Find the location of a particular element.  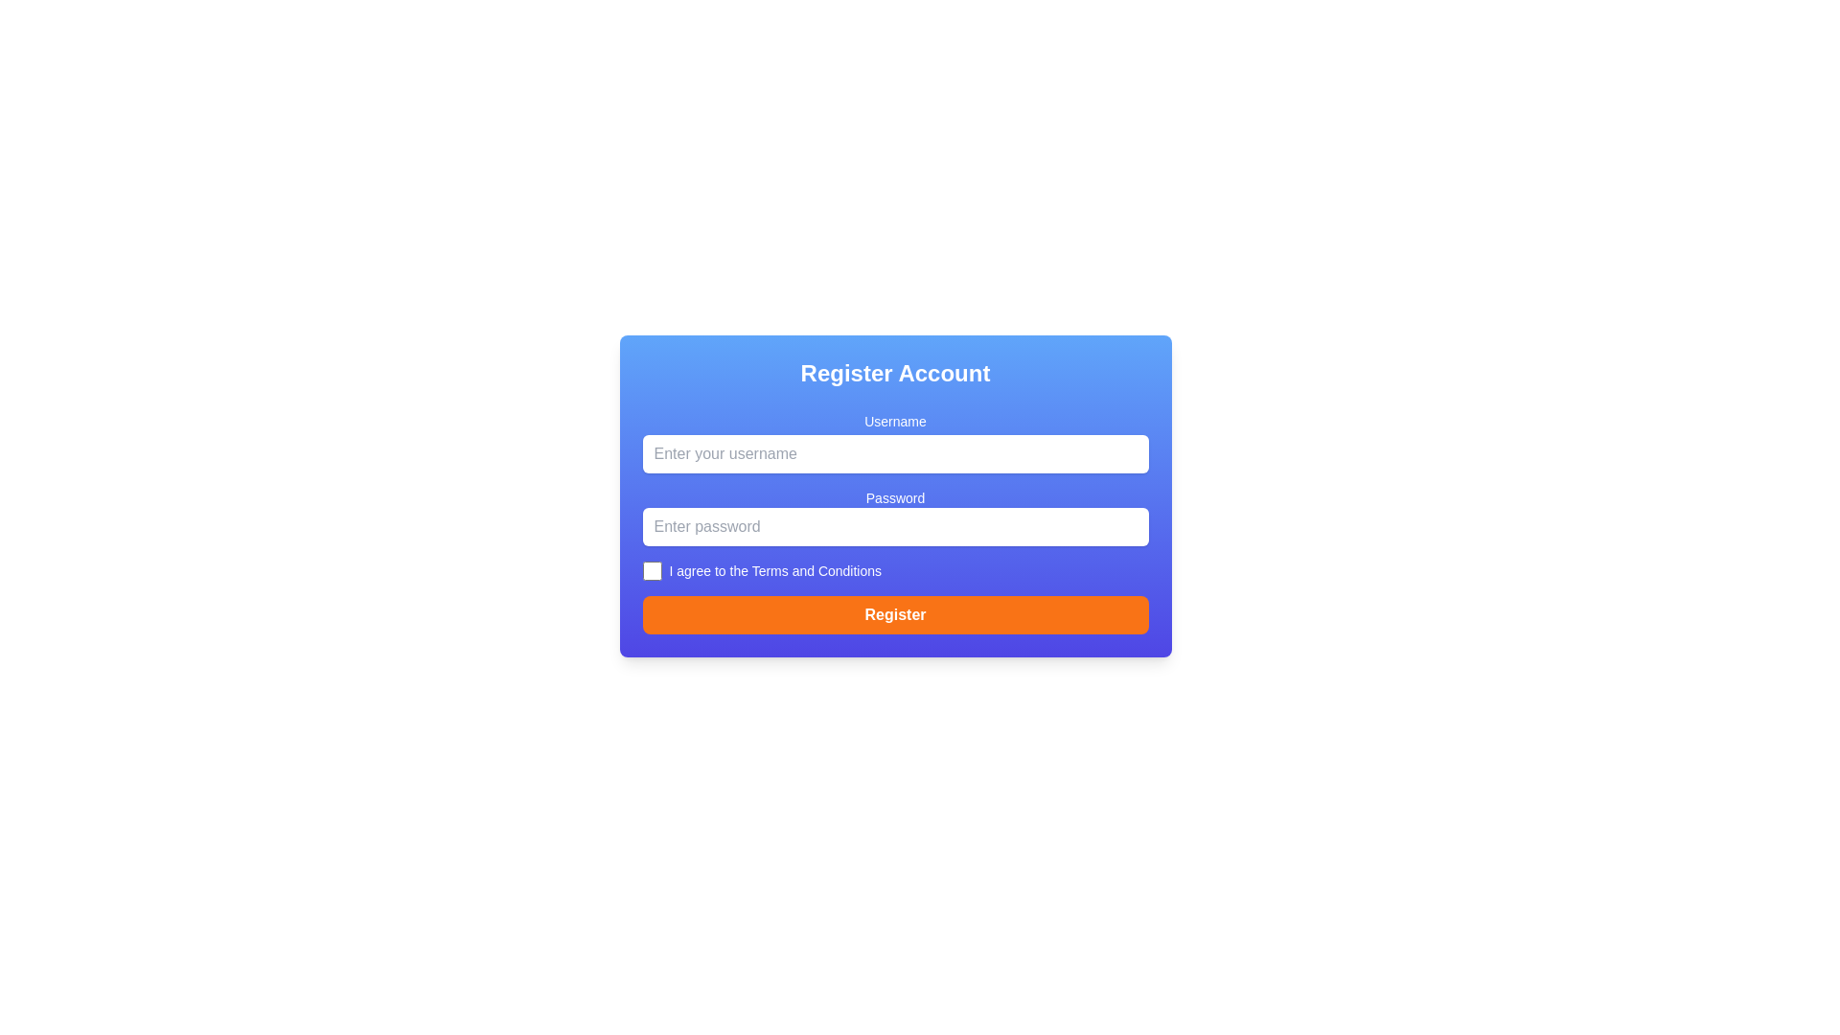

the eye-shaped button located at the right edge of the password input field is located at coordinates (1132, 527).